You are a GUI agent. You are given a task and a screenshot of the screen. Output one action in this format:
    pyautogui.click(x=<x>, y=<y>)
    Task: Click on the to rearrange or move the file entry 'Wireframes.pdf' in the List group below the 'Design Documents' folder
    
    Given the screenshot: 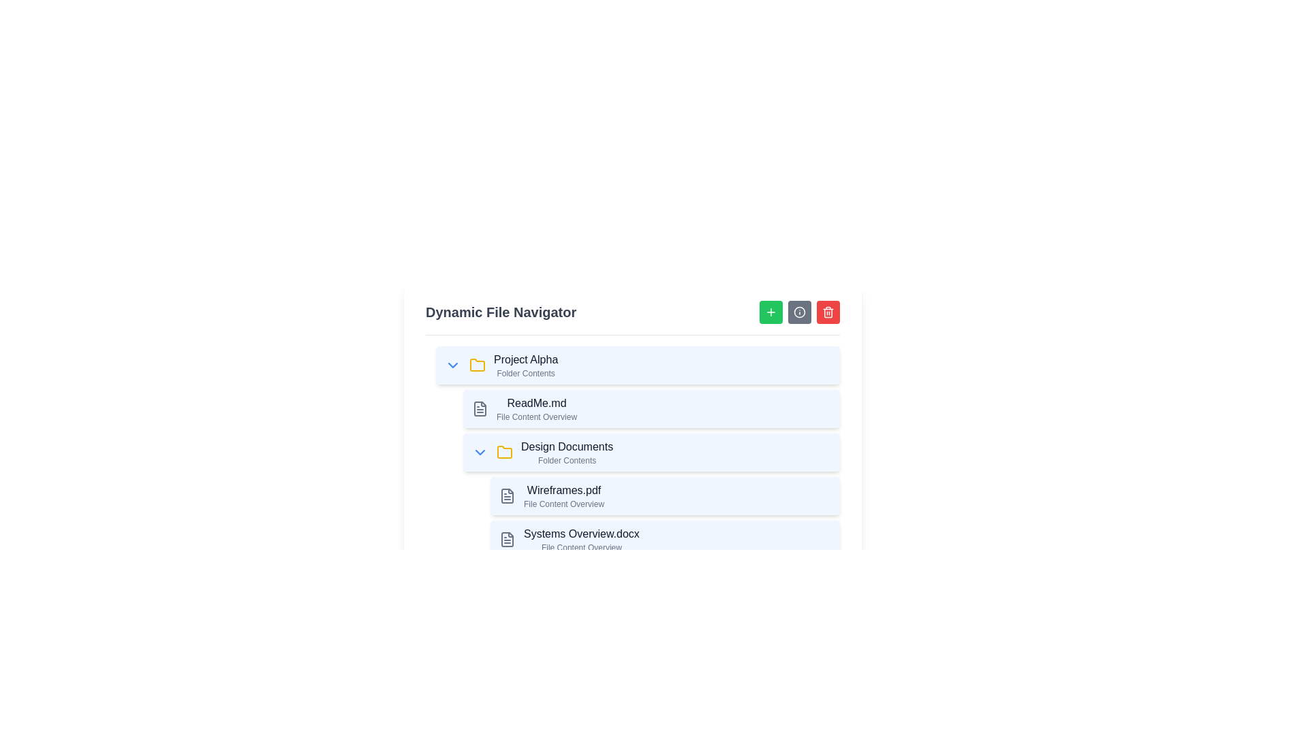 What is the action you would take?
    pyautogui.click(x=660, y=517)
    